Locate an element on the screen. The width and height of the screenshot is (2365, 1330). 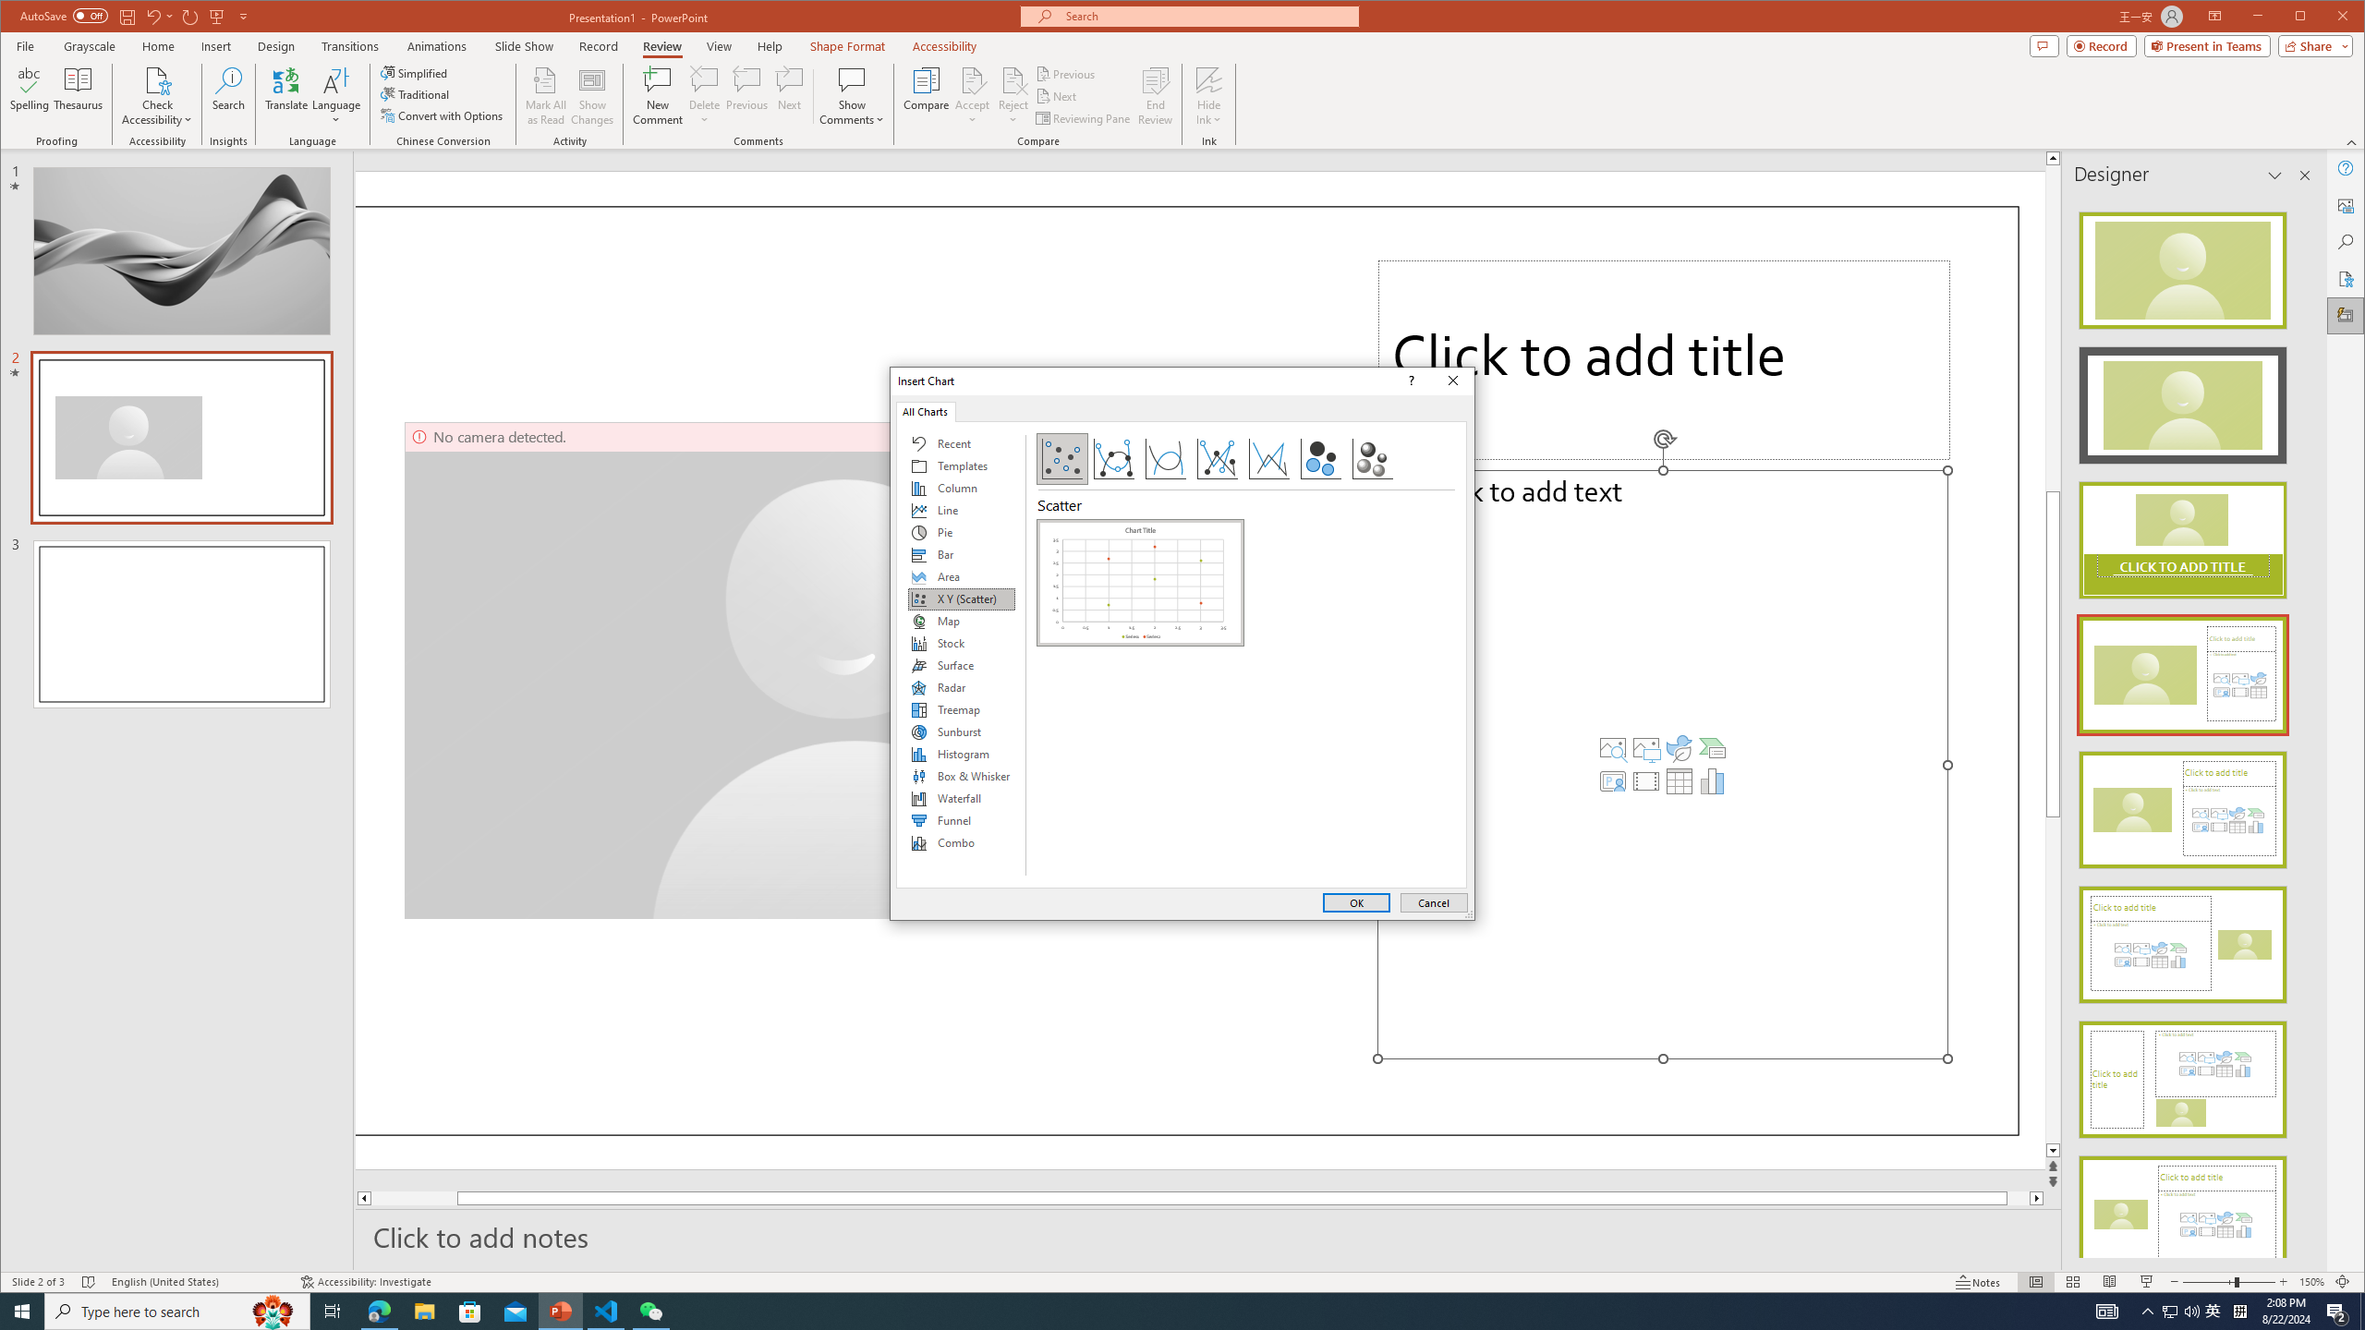
'Search' is located at coordinates (229, 95).